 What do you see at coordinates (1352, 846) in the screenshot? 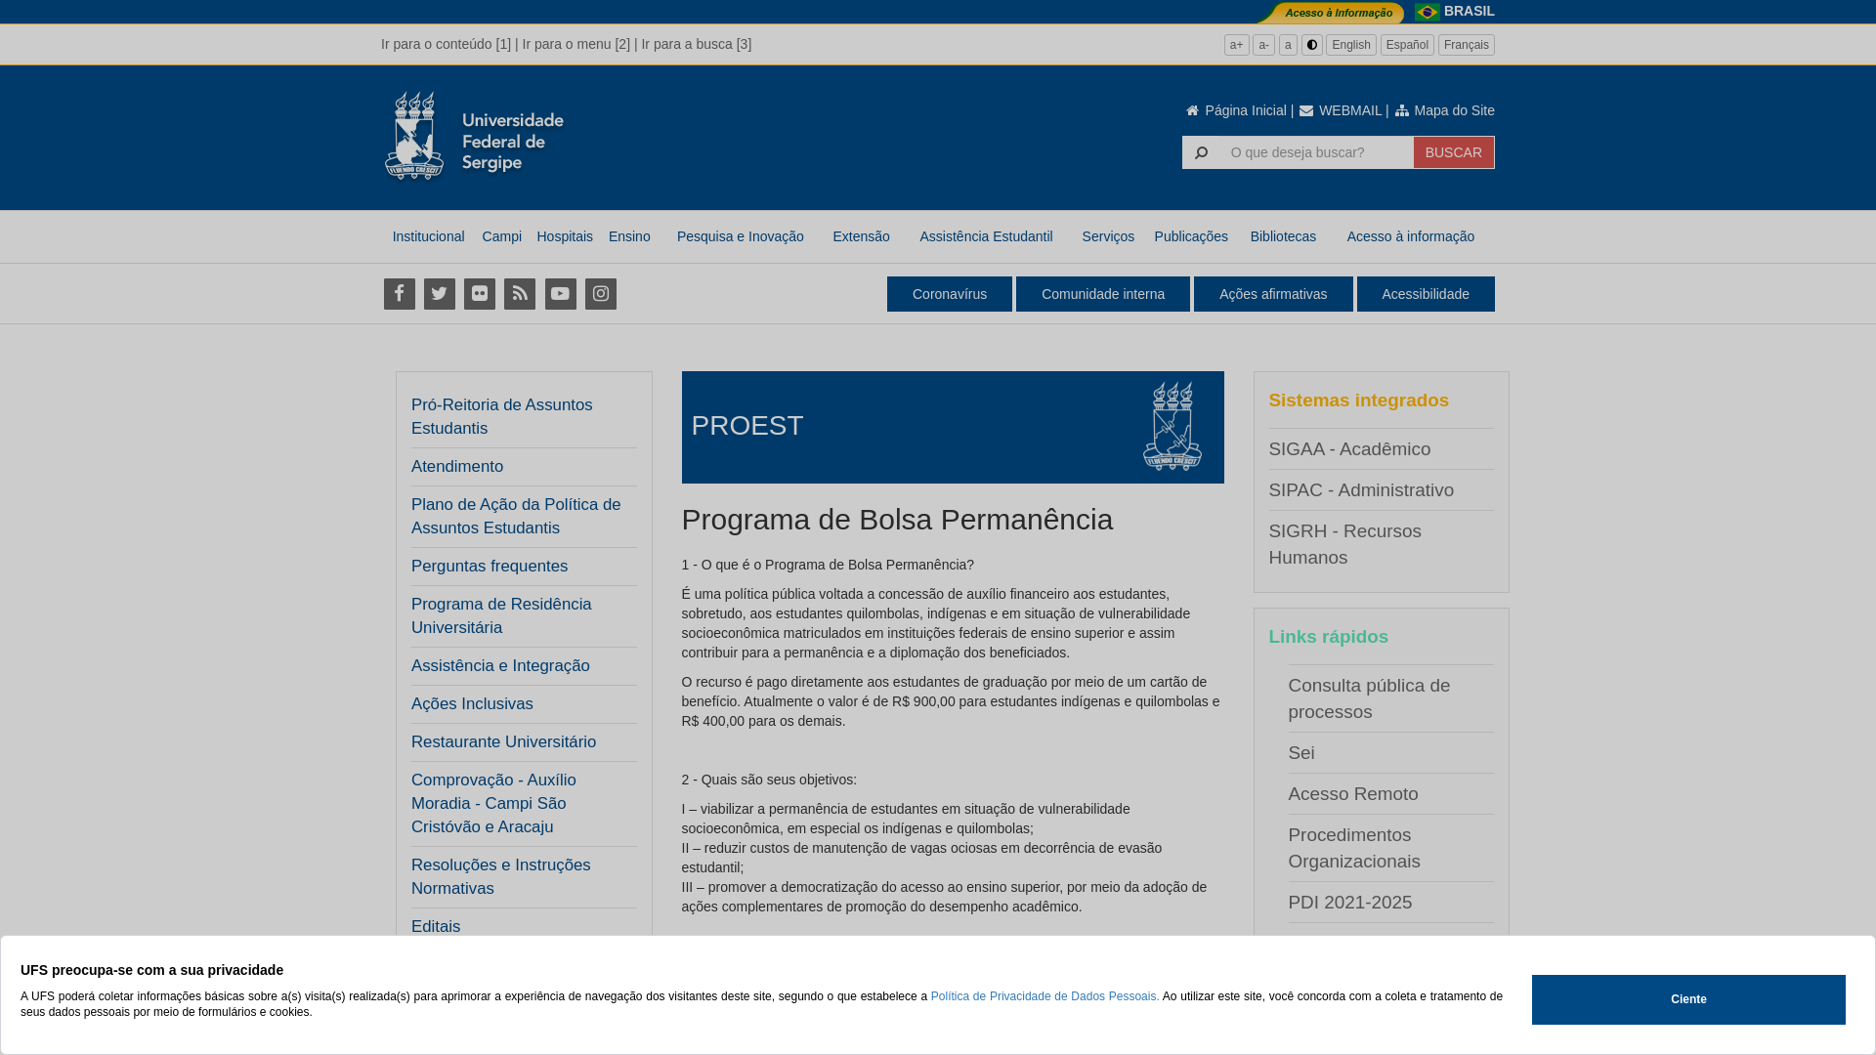
I see `'Procedimentos Organizacionais'` at bounding box center [1352, 846].